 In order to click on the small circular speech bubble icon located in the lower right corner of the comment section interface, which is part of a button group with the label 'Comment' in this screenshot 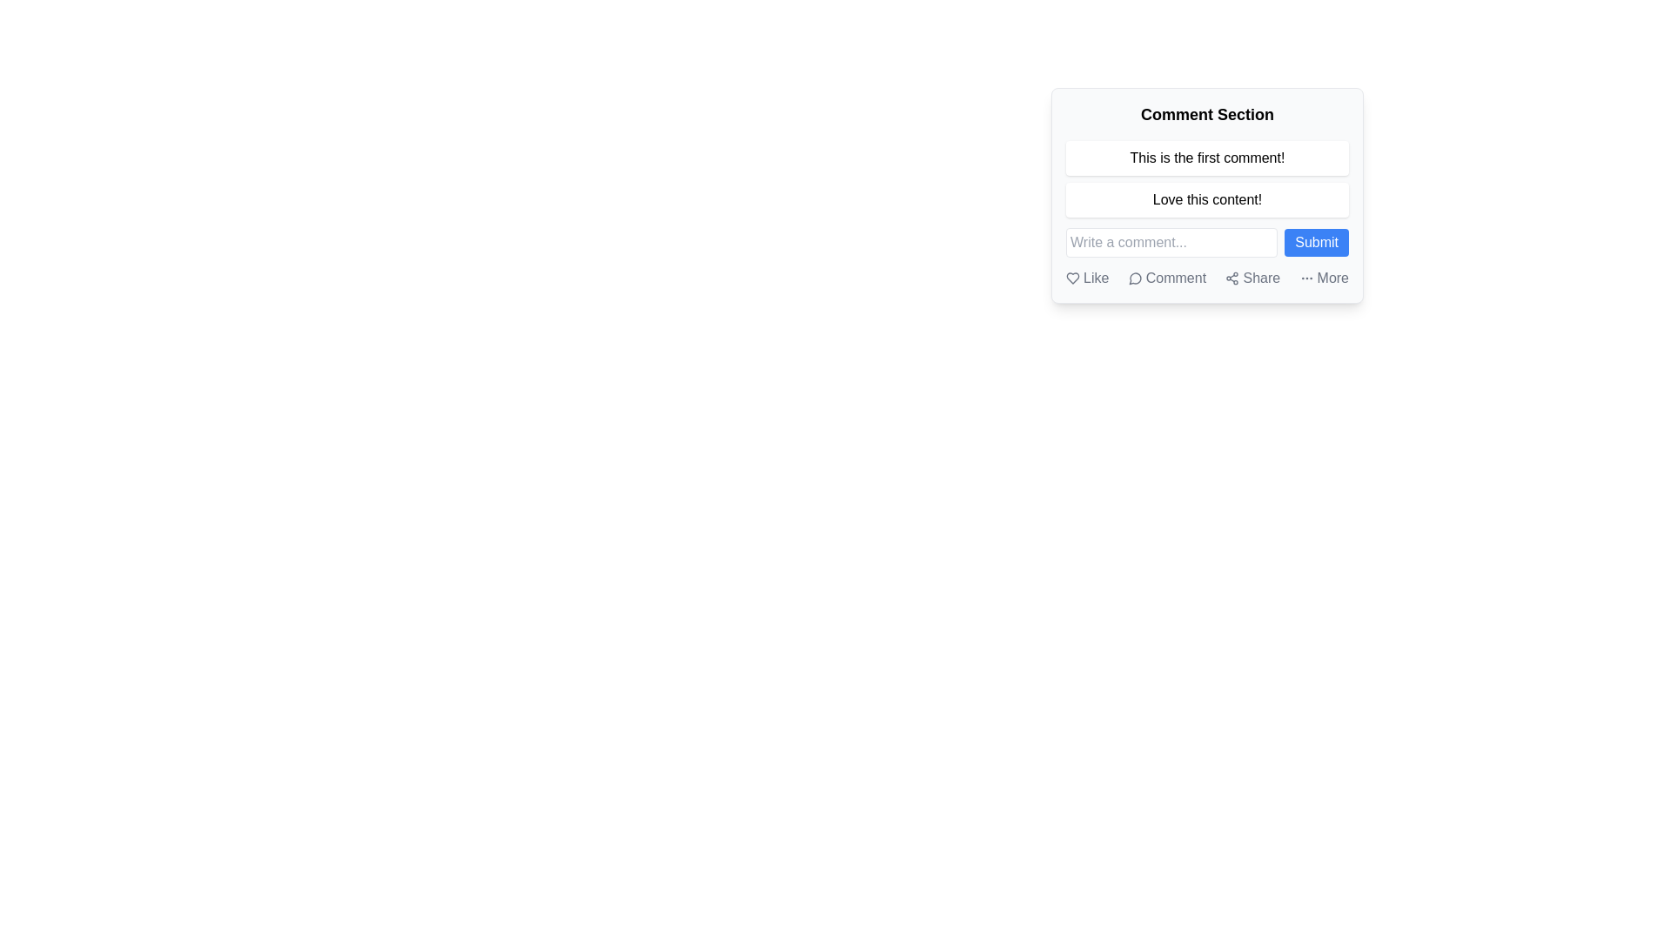, I will do `click(1135, 278)`.